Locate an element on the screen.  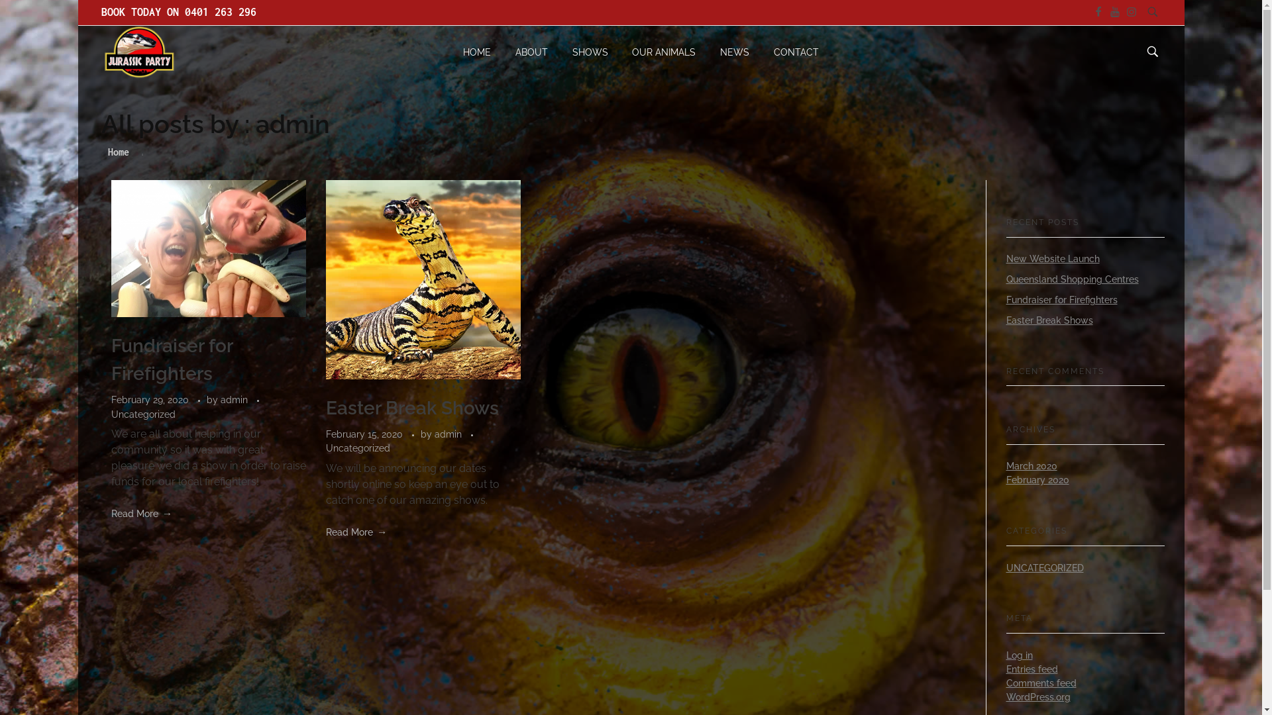
'Entries feed' is located at coordinates (1005, 669).